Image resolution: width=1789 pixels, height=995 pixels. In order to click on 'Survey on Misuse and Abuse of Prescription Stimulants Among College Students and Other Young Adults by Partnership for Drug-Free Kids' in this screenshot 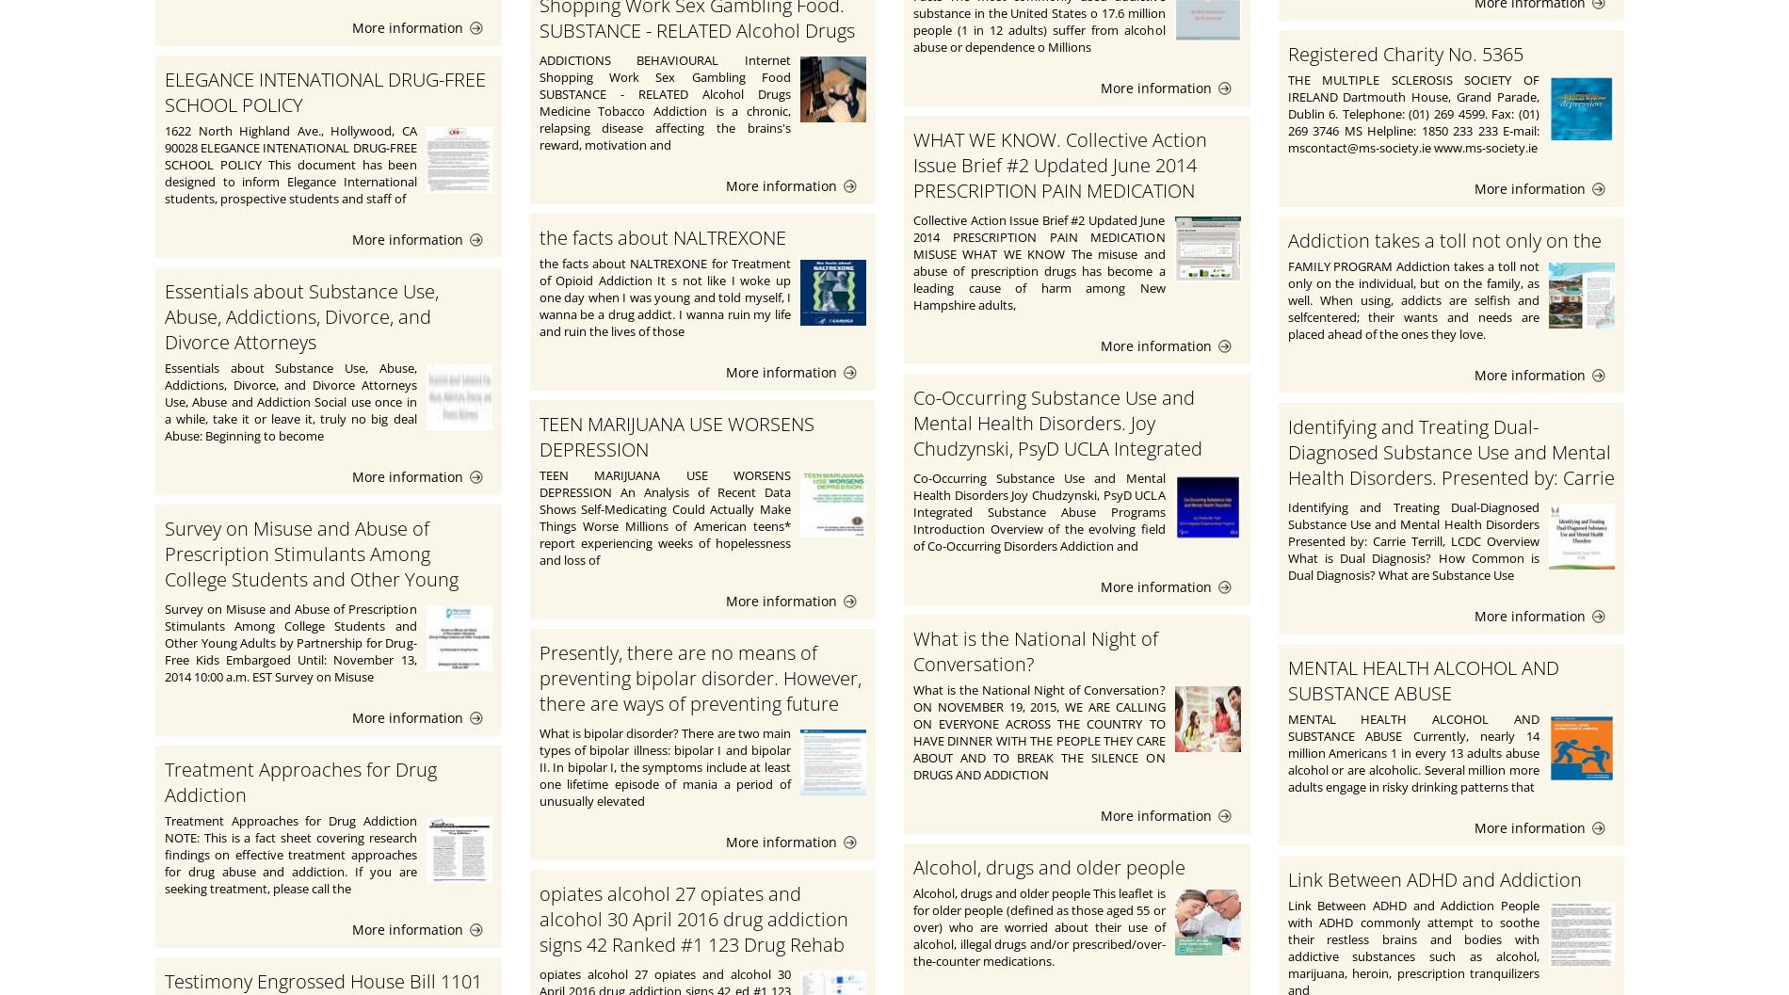, I will do `click(314, 579)`.